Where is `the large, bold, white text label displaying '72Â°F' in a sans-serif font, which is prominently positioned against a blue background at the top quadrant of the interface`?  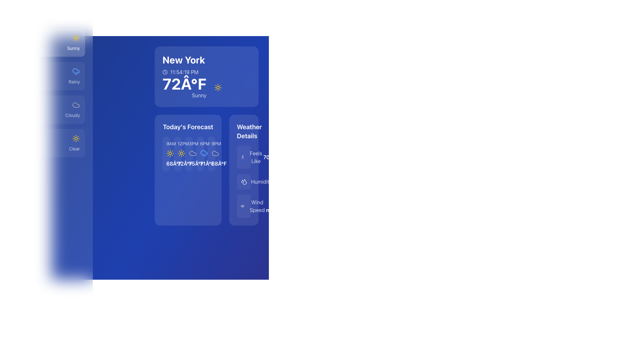
the large, bold, white text label displaying '72Â°F' in a sans-serif font, which is prominently positioned against a blue background at the top quadrant of the interface is located at coordinates (184, 83).